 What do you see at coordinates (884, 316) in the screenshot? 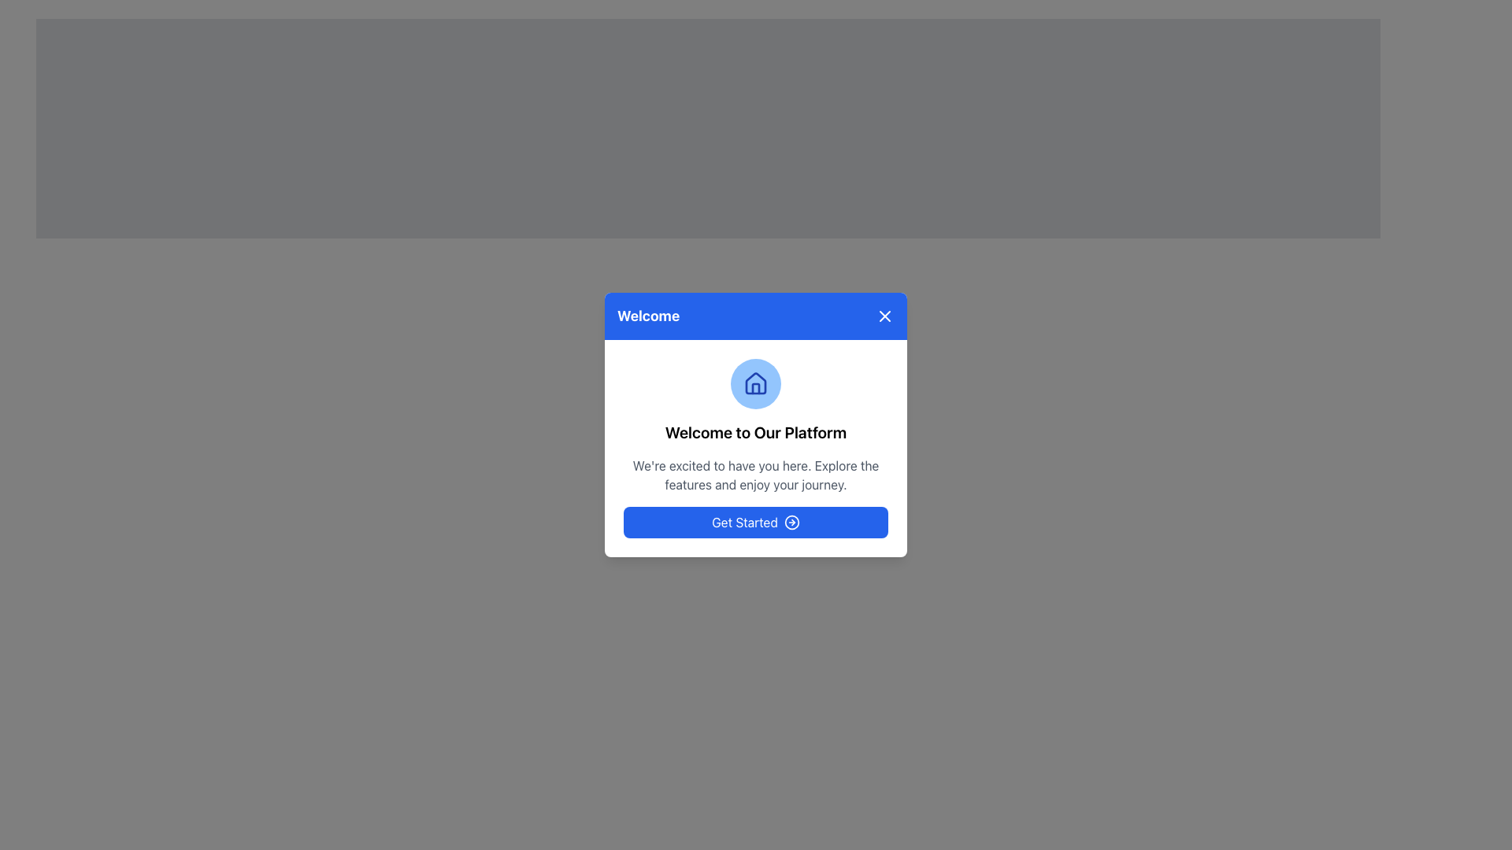
I see `the close icon ('X') located in the top-right corner of the 'Welcome' modal dialog` at bounding box center [884, 316].